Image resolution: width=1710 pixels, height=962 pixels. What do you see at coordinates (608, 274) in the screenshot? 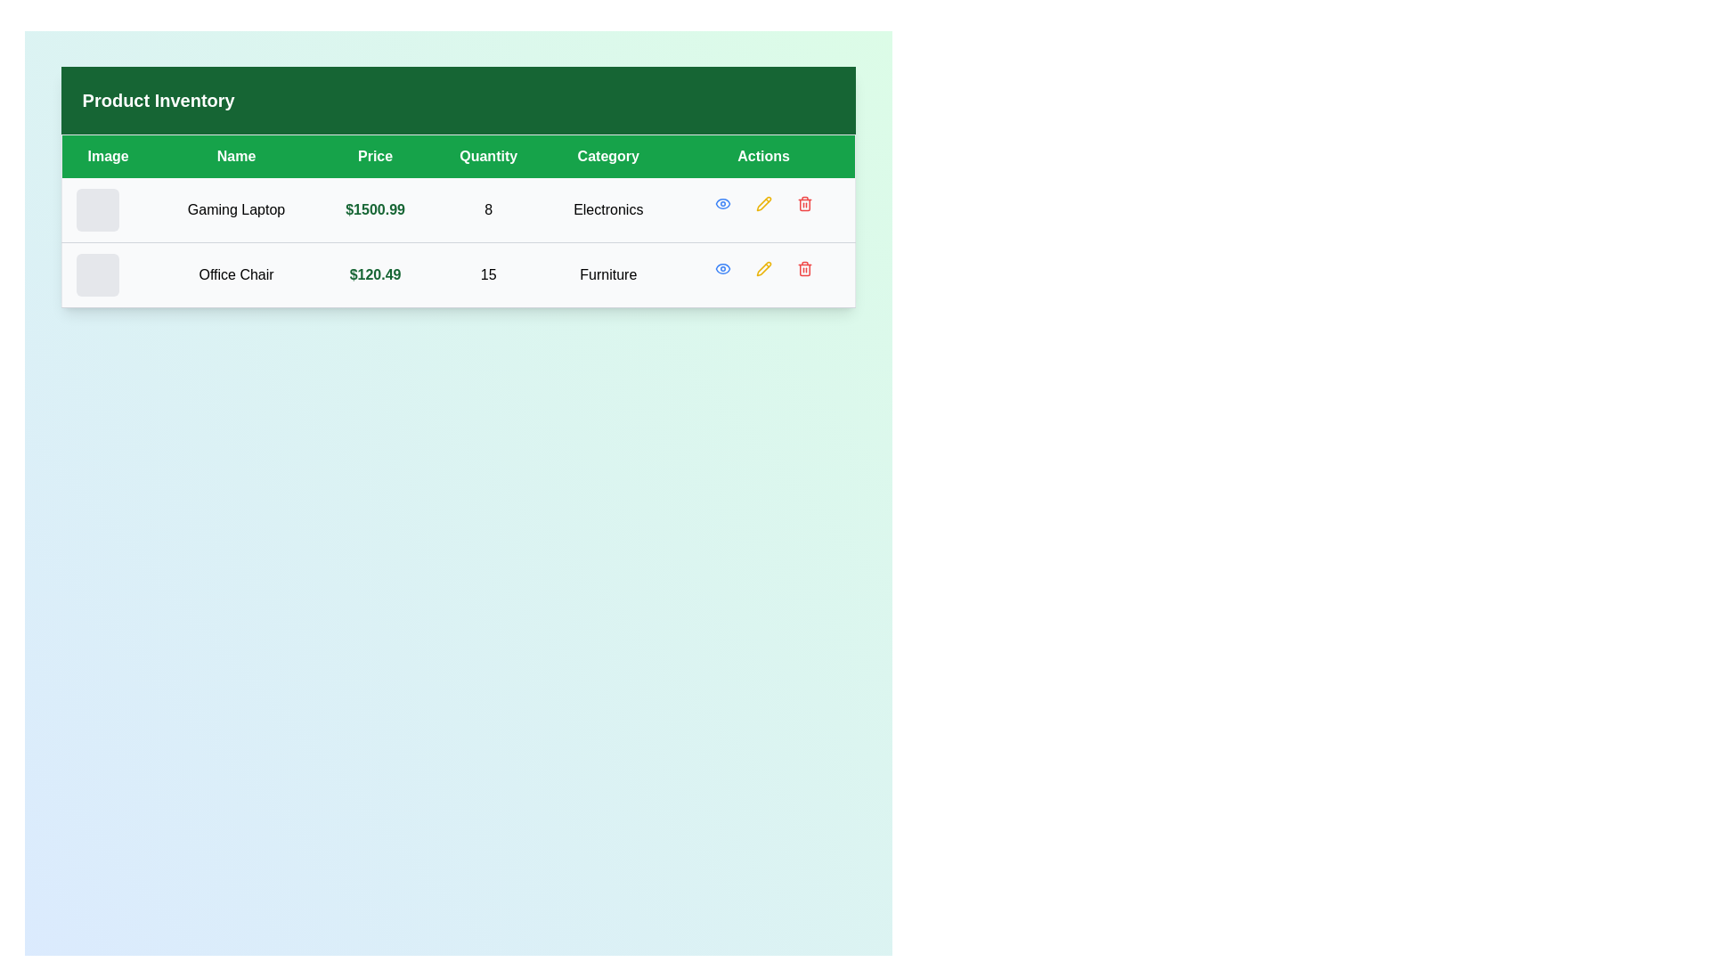
I see `the 'Furniture' text label displayed in black font within the white rectangular area in the 'Category' column of the second row of the table` at bounding box center [608, 274].